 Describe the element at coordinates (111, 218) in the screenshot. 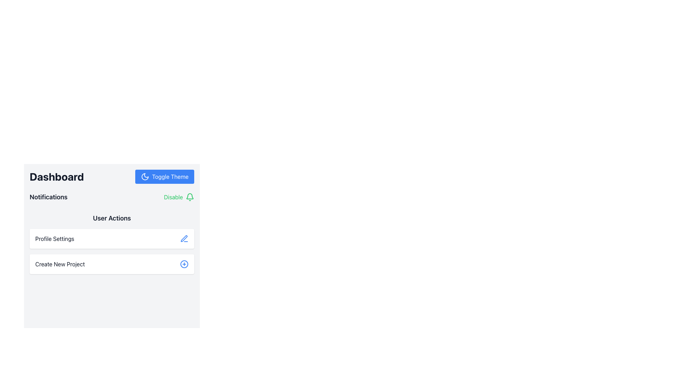

I see `the 'User Actions' text label element, which is bold and prominently displayed in black on a light gray background, located under the 'Notifications' section` at that location.